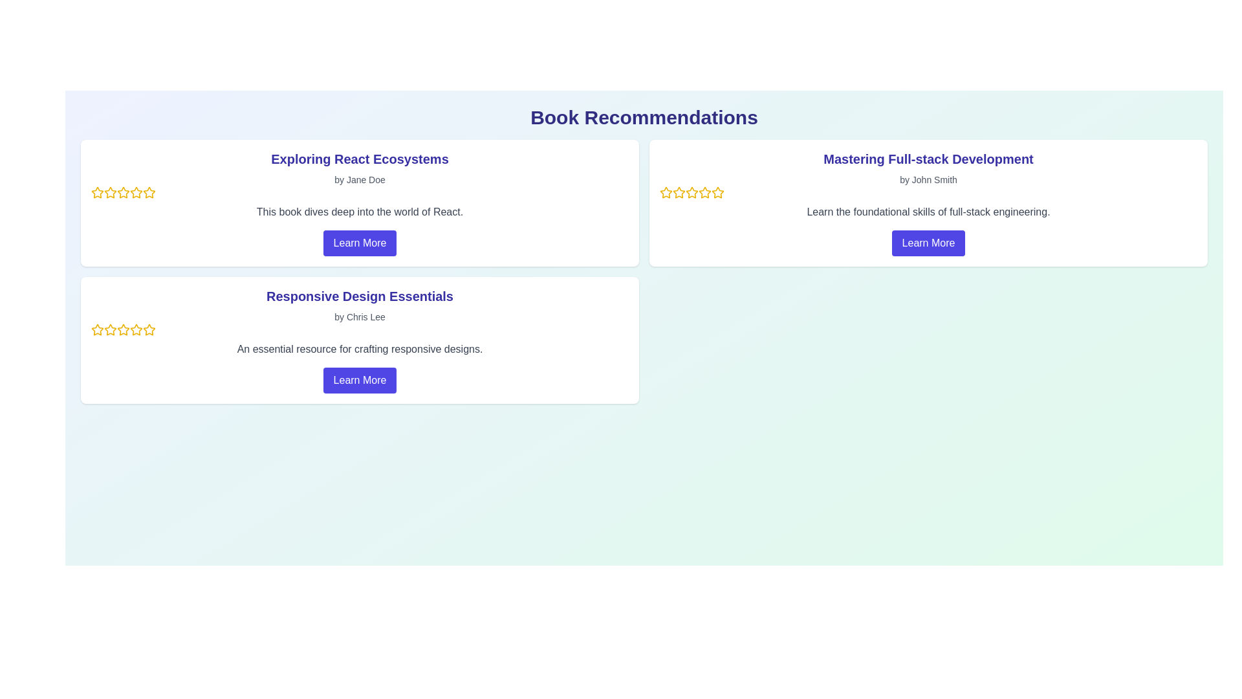 Image resolution: width=1242 pixels, height=699 pixels. I want to click on the second star icon in the rating system for the 'Responsive Design Essentials' card, so click(124, 329).